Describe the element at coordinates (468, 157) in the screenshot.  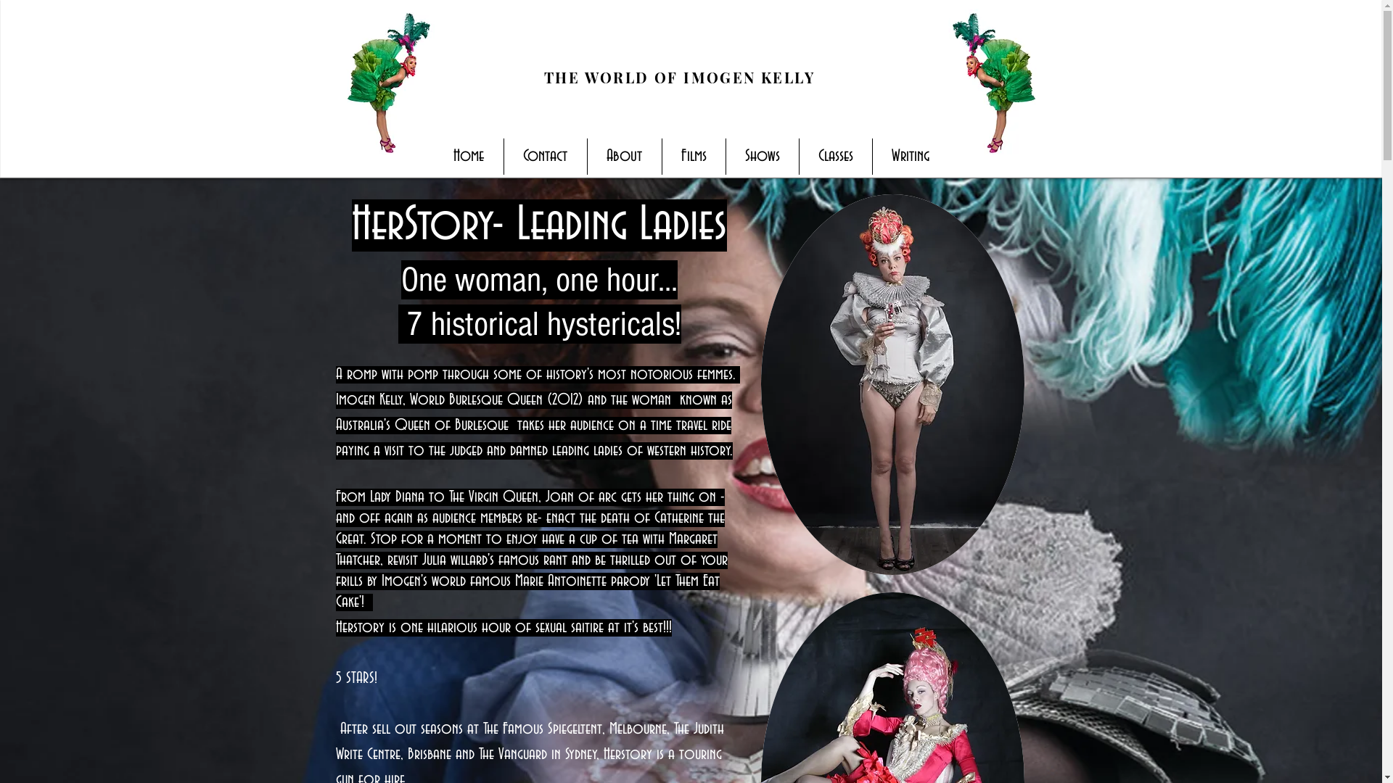
I see `'Home'` at that location.